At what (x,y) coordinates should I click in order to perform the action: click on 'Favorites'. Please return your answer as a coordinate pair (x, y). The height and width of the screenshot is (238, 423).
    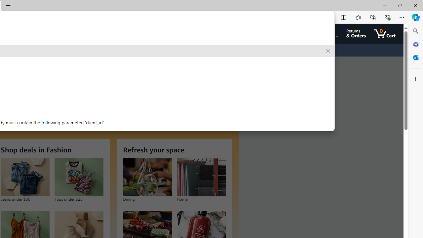
    Looking at the image, I should click on (358, 17).